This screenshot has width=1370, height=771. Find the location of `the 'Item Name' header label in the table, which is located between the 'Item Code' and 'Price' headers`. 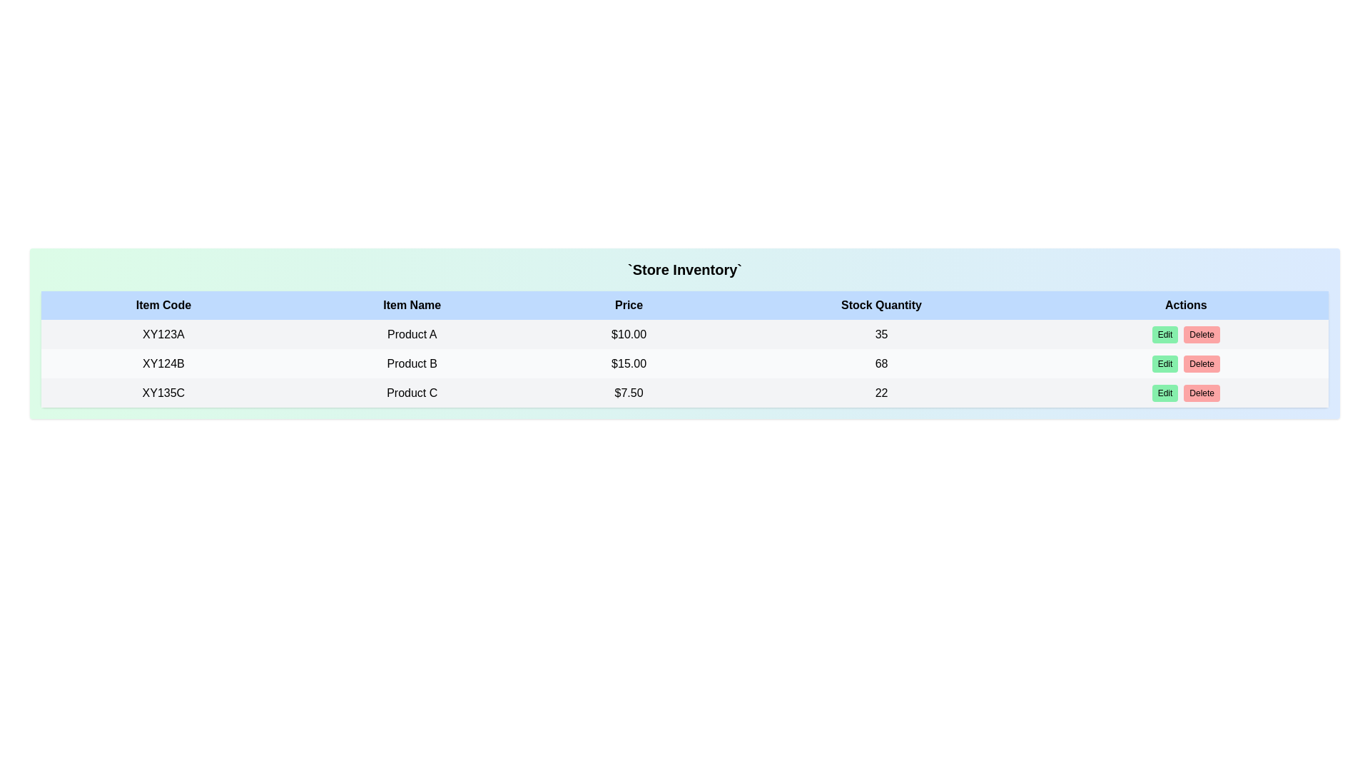

the 'Item Name' header label in the table, which is located between the 'Item Code' and 'Price' headers is located at coordinates (411, 305).